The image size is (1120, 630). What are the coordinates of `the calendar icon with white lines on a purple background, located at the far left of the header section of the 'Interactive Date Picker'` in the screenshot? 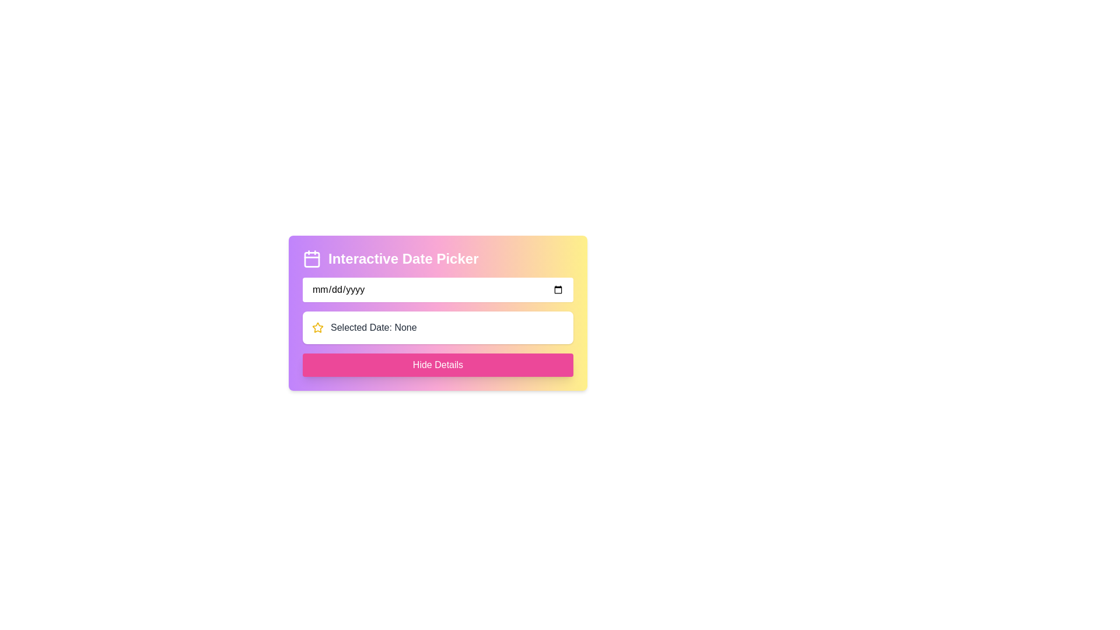 It's located at (311, 258).